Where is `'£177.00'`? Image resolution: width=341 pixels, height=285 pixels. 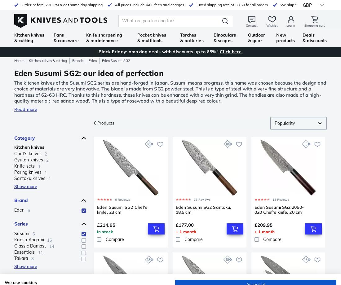 '£177.00' is located at coordinates (184, 225).